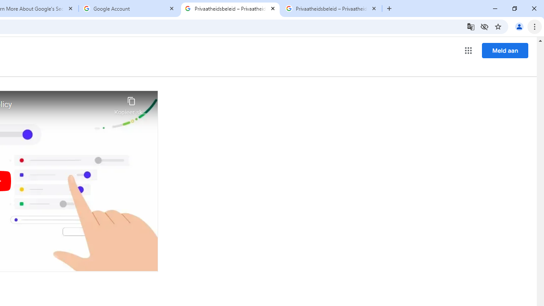  I want to click on 'Translate this page', so click(470, 26).